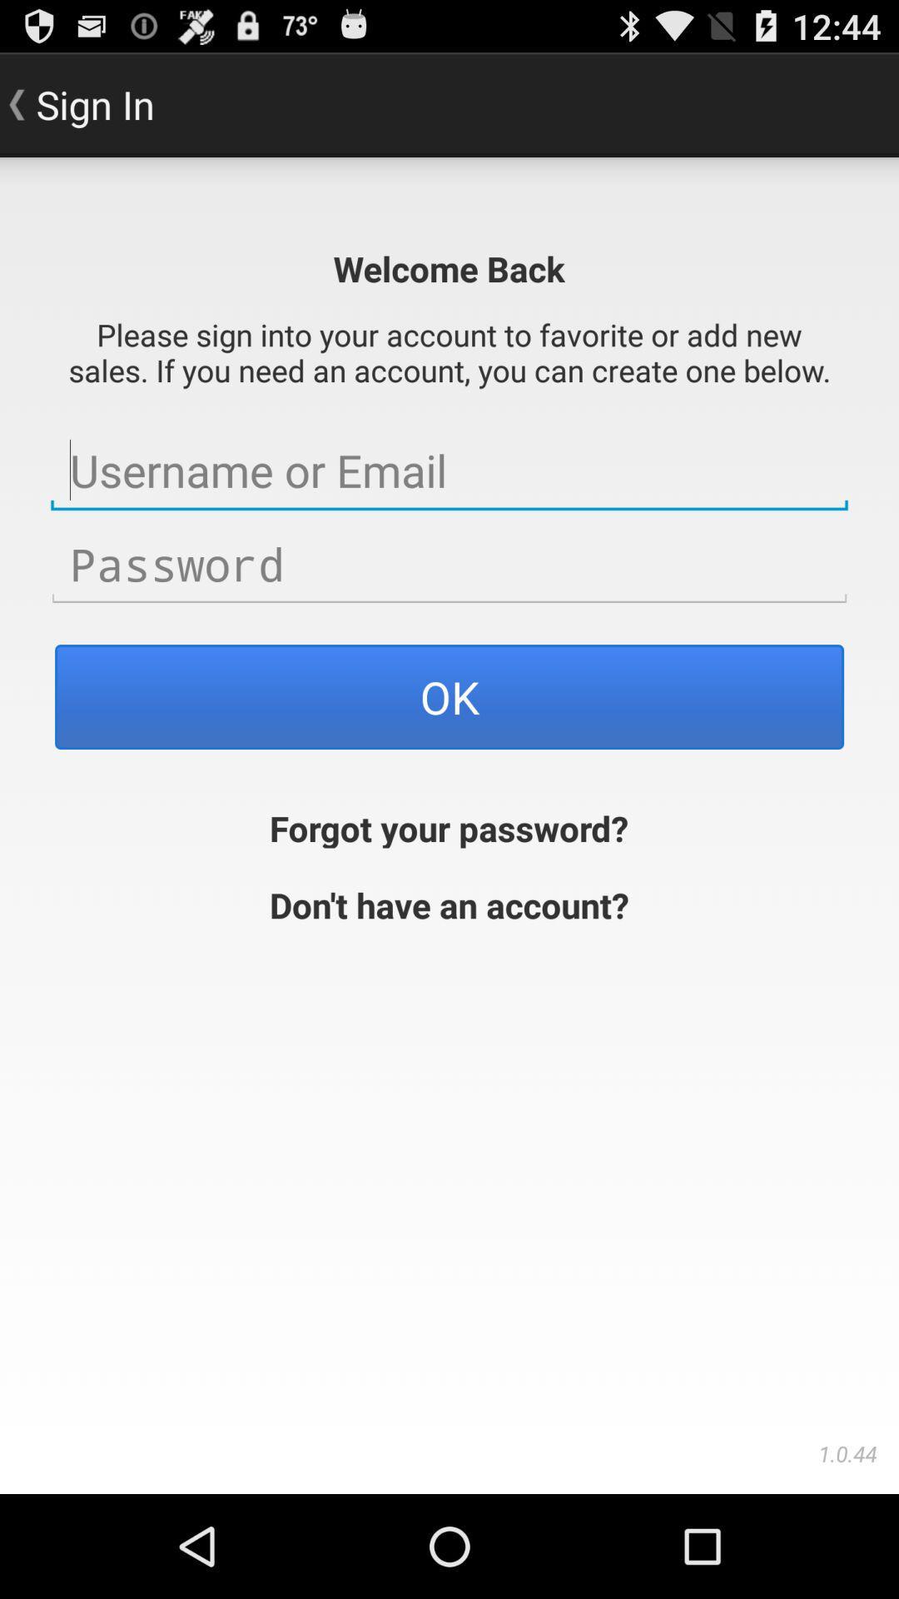 This screenshot has height=1599, width=899. I want to click on ok button, so click(449, 696).